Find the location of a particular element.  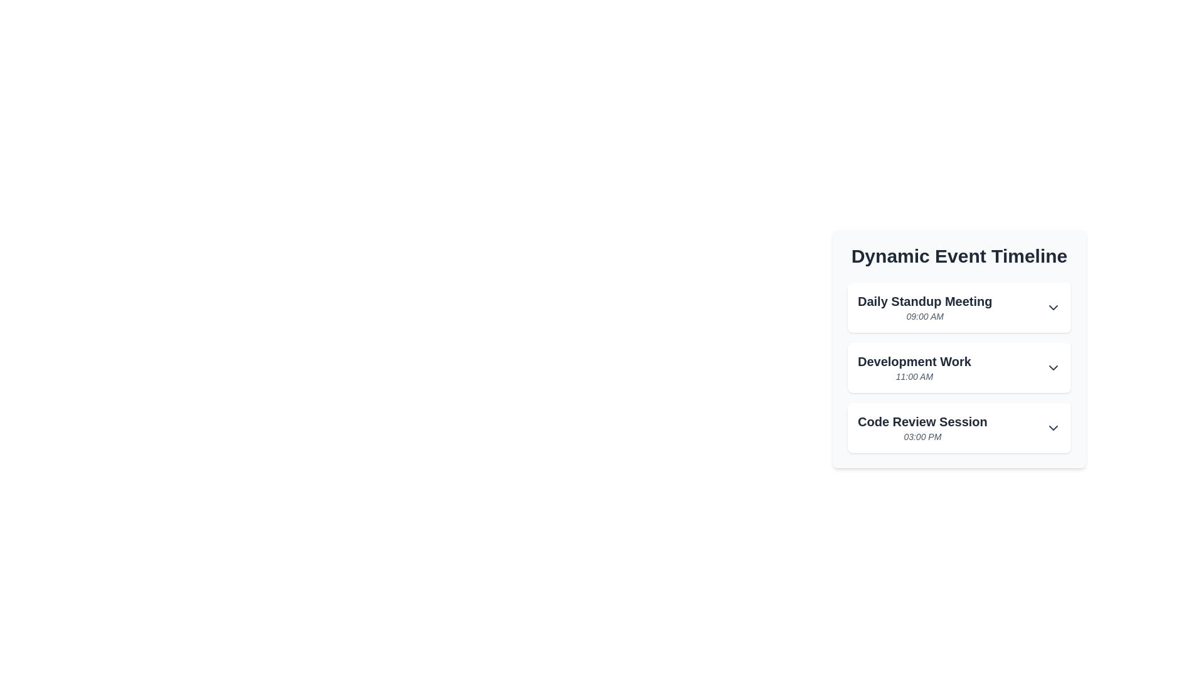

the text label in the second row of the 'Dynamic Event Timeline' which serves as a header for an event, positioned above the smaller text showing '11:00 AM' is located at coordinates (914, 362).